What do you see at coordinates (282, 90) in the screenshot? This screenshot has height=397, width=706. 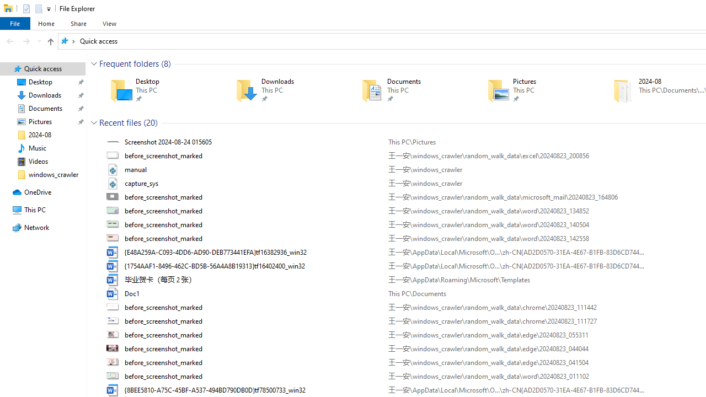 I see `'Downloads'` at bounding box center [282, 90].